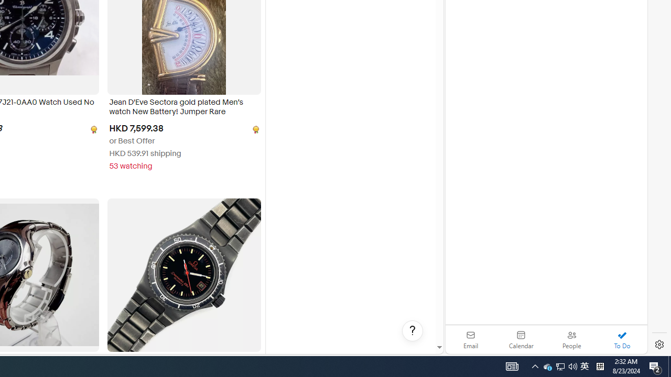 The height and width of the screenshot is (377, 671). Describe the element at coordinates (571, 339) in the screenshot. I see `'People'` at that location.